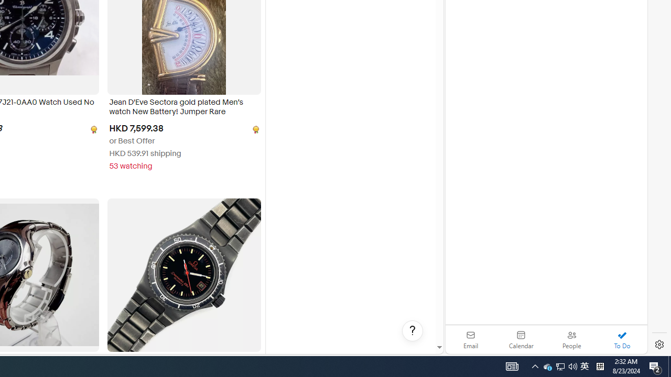 The height and width of the screenshot is (377, 671). Describe the element at coordinates (571, 339) in the screenshot. I see `'People'` at that location.